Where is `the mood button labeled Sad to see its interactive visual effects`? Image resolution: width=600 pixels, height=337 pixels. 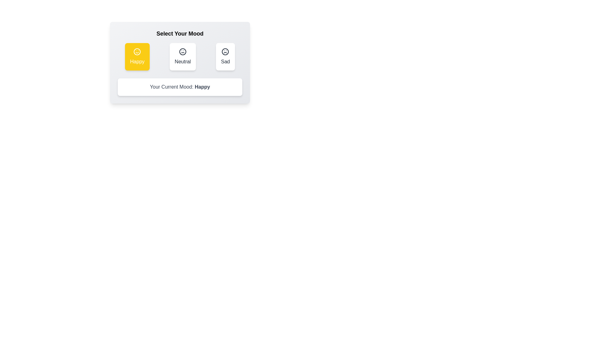 the mood button labeled Sad to see its interactive visual effects is located at coordinates (225, 56).